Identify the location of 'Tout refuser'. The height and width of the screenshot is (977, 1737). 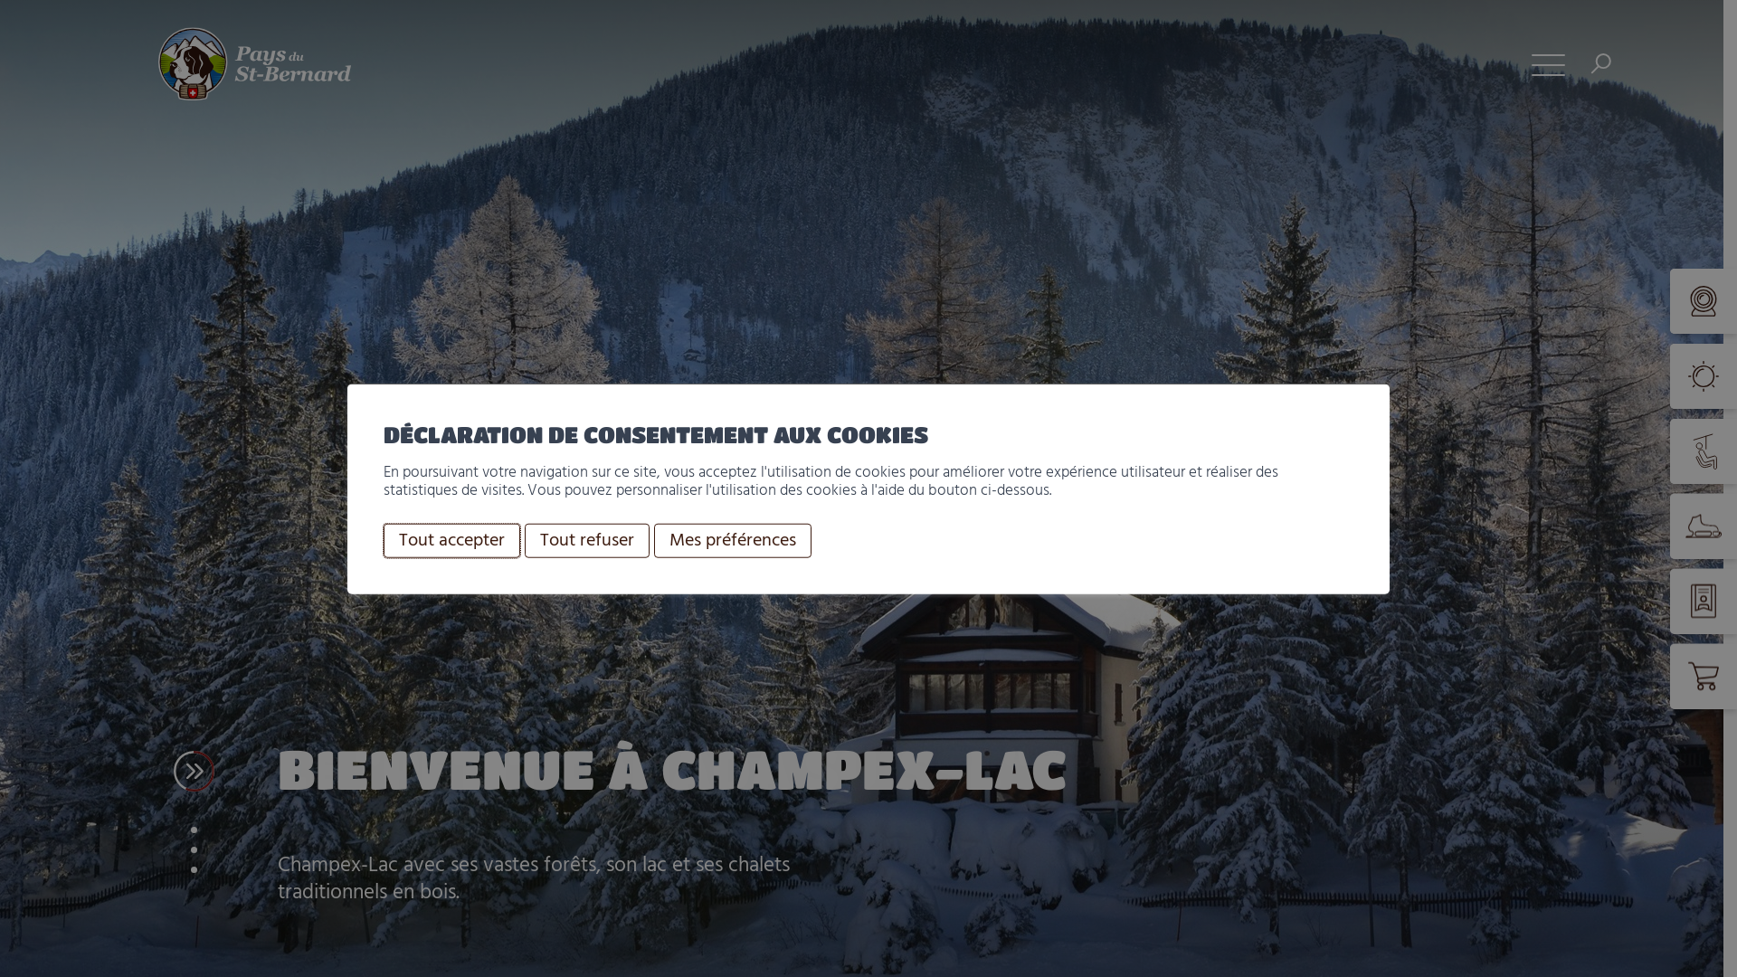
(586, 539).